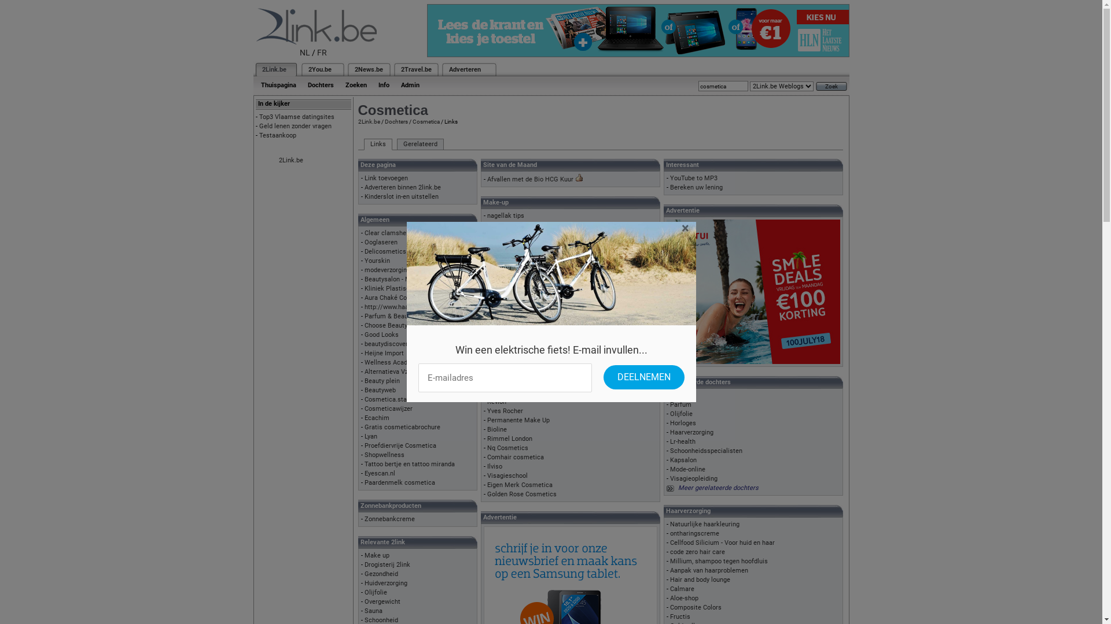 This screenshot has width=1111, height=624. Describe the element at coordinates (487, 447) in the screenshot. I see `'Nq Cosmetics'` at that location.